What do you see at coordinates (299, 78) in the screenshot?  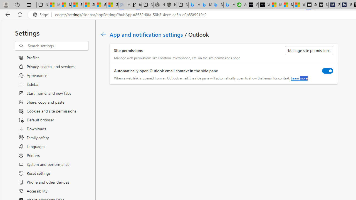 I see `'Learn more'` at bounding box center [299, 78].